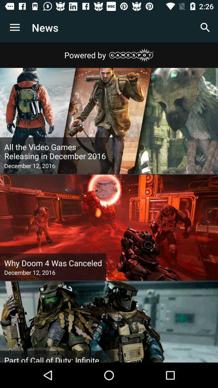 Image resolution: width=218 pixels, height=388 pixels. What do you see at coordinates (57, 151) in the screenshot?
I see `the icon above december 12, 2016 icon` at bounding box center [57, 151].